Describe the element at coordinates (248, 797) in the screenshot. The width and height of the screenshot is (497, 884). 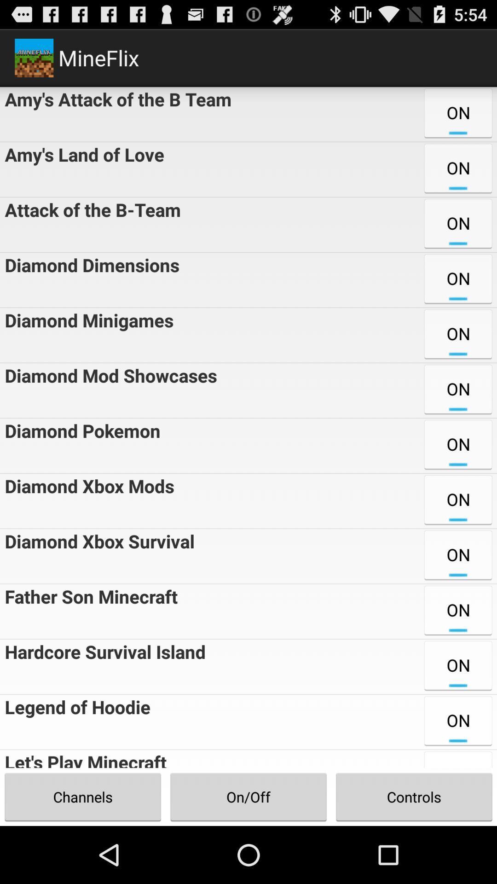
I see `button next to controls icon` at that location.